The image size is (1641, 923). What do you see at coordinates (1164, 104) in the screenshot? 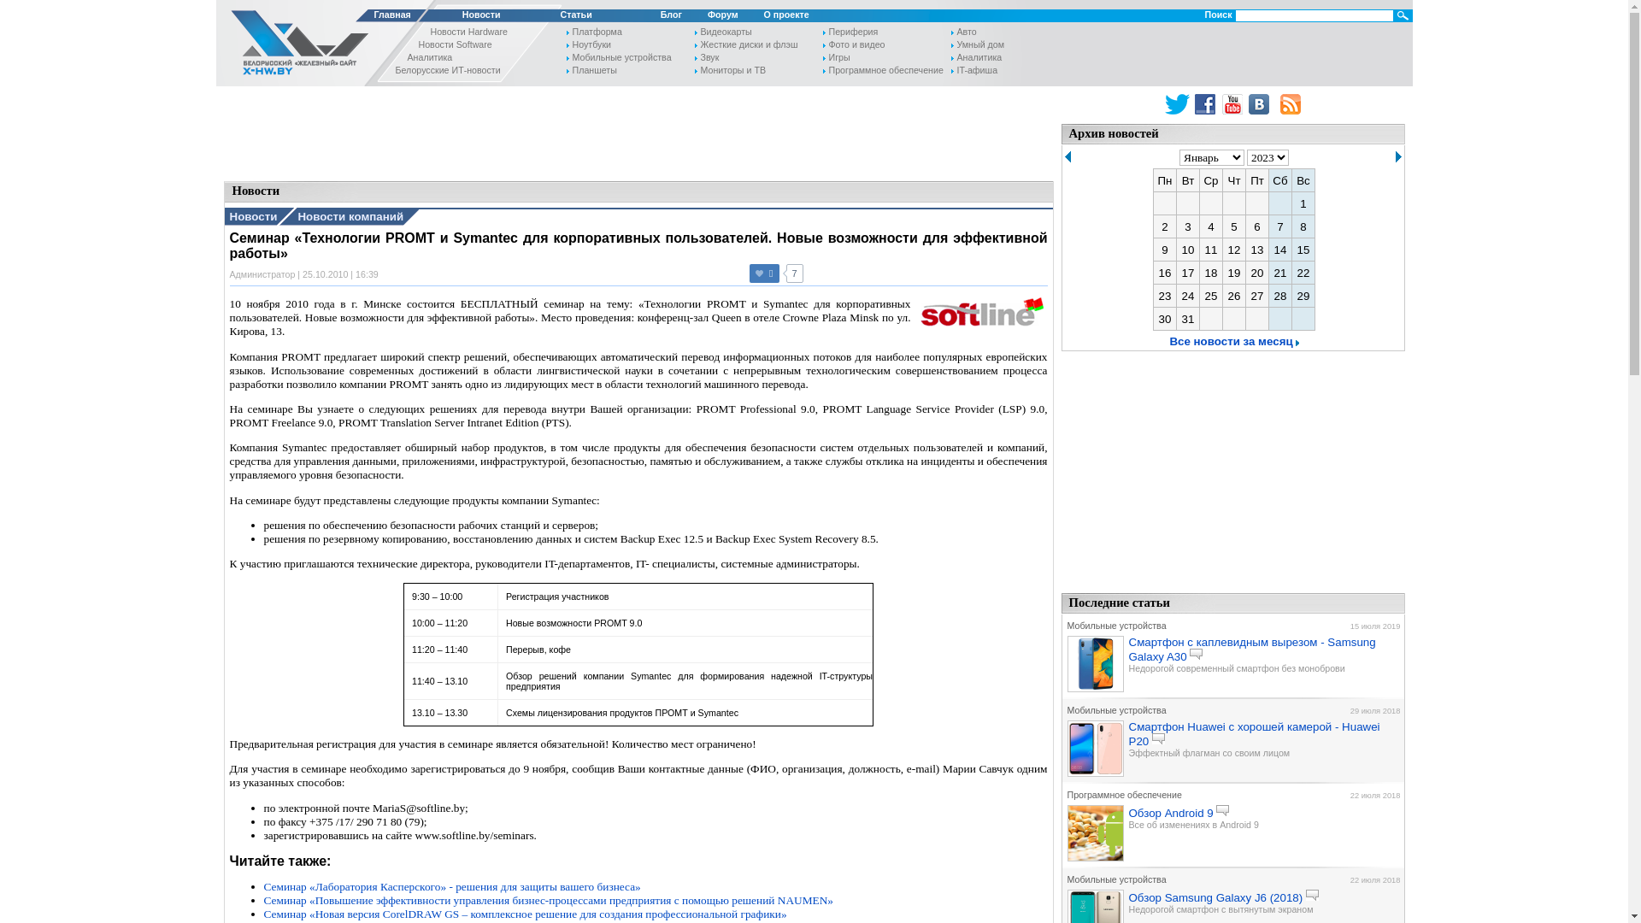
I see `'X-HW.BY Twitter'` at bounding box center [1164, 104].